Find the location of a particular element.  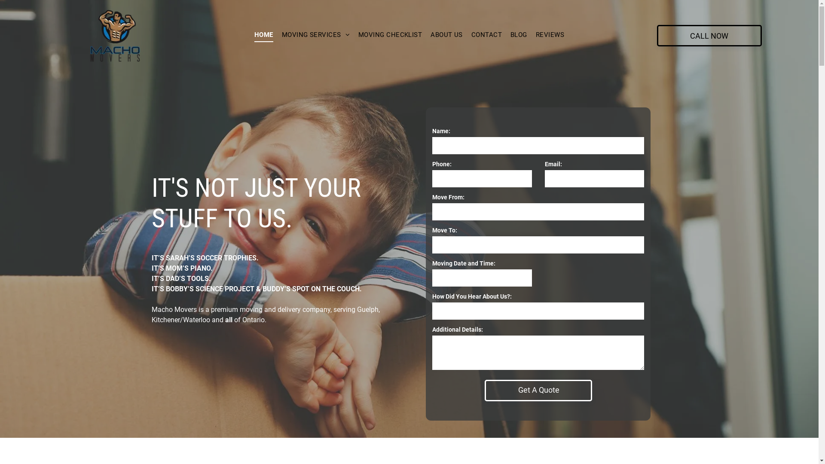

'MOVING CHECKLIST' is located at coordinates (389, 34).